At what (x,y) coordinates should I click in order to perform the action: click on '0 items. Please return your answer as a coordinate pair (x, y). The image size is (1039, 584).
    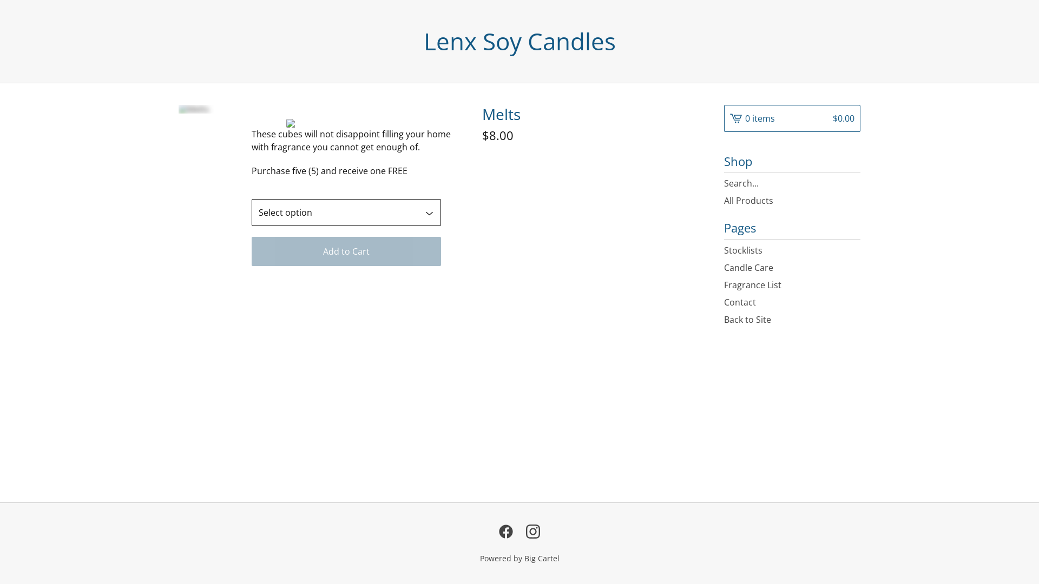
    Looking at the image, I should click on (792, 118).